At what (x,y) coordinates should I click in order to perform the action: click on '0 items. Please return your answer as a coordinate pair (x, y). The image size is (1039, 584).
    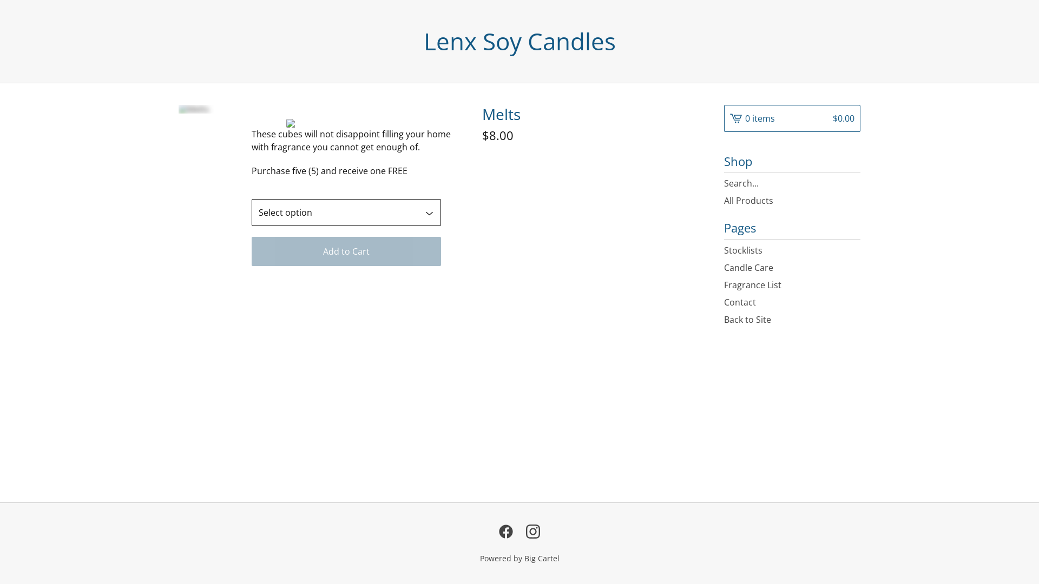
    Looking at the image, I should click on (792, 118).